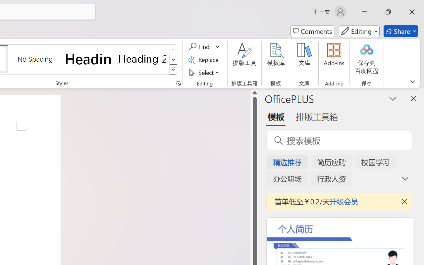 The height and width of the screenshot is (265, 424). I want to click on 'Styles', so click(173, 70).